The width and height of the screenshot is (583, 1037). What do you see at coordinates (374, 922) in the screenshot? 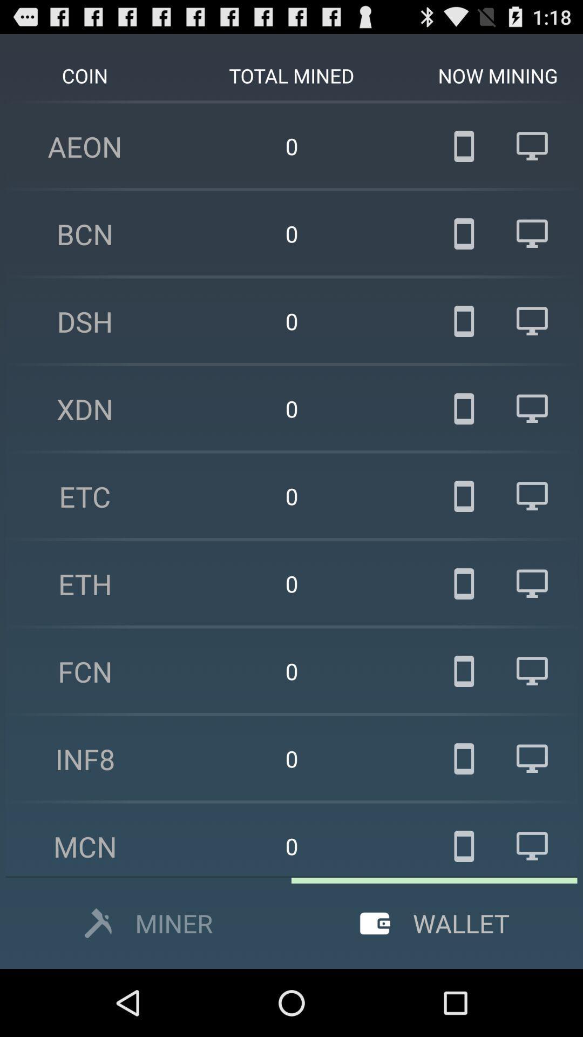
I see `the icon wallet` at bounding box center [374, 922].